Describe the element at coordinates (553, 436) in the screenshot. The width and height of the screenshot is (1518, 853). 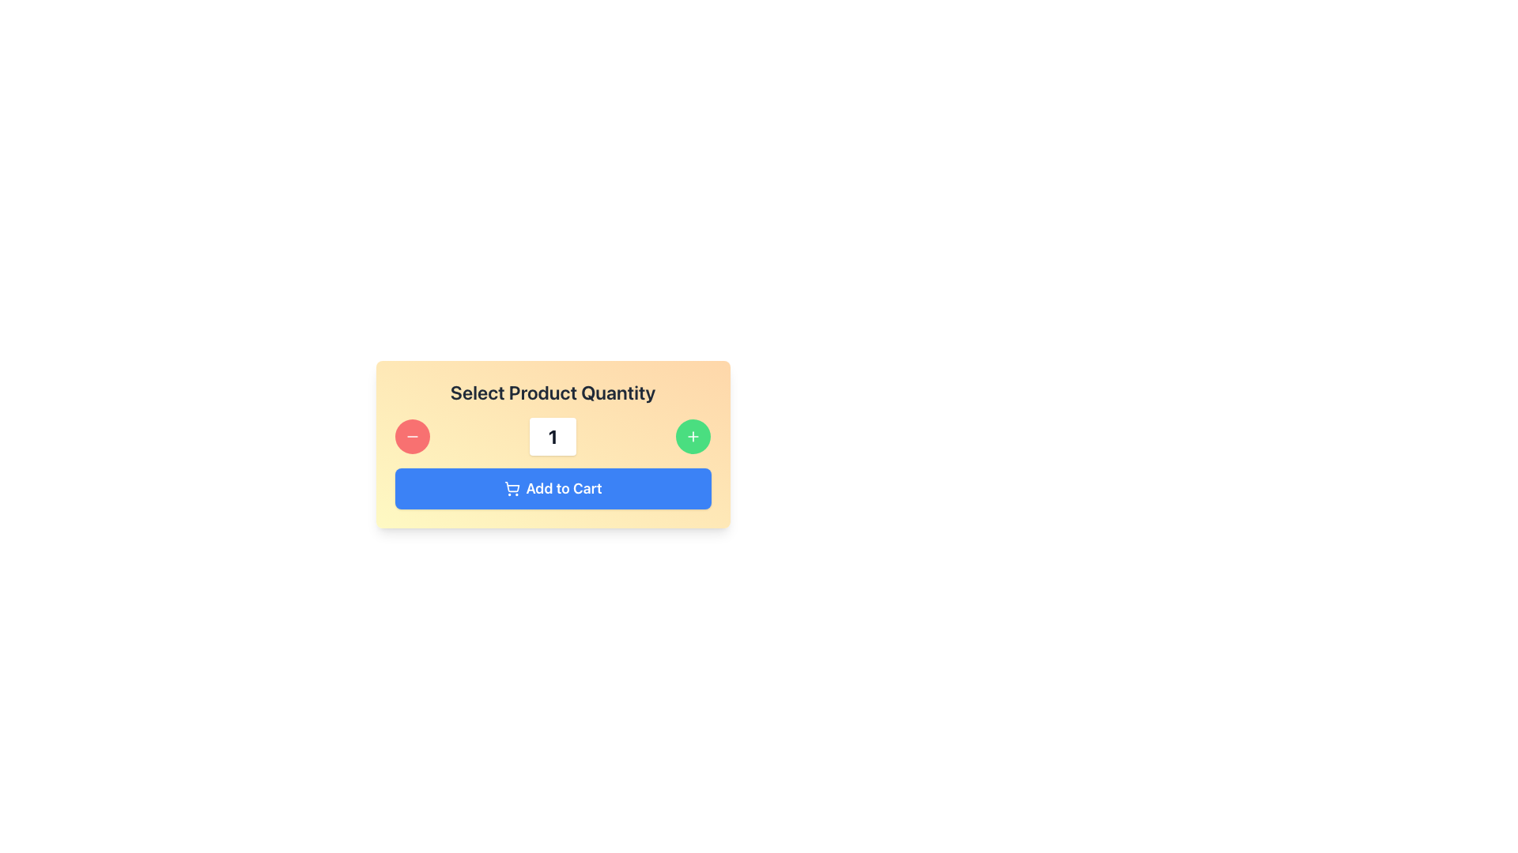
I see `the prominently displayed number '1' in bold black on a white background for interaction feedback` at that location.